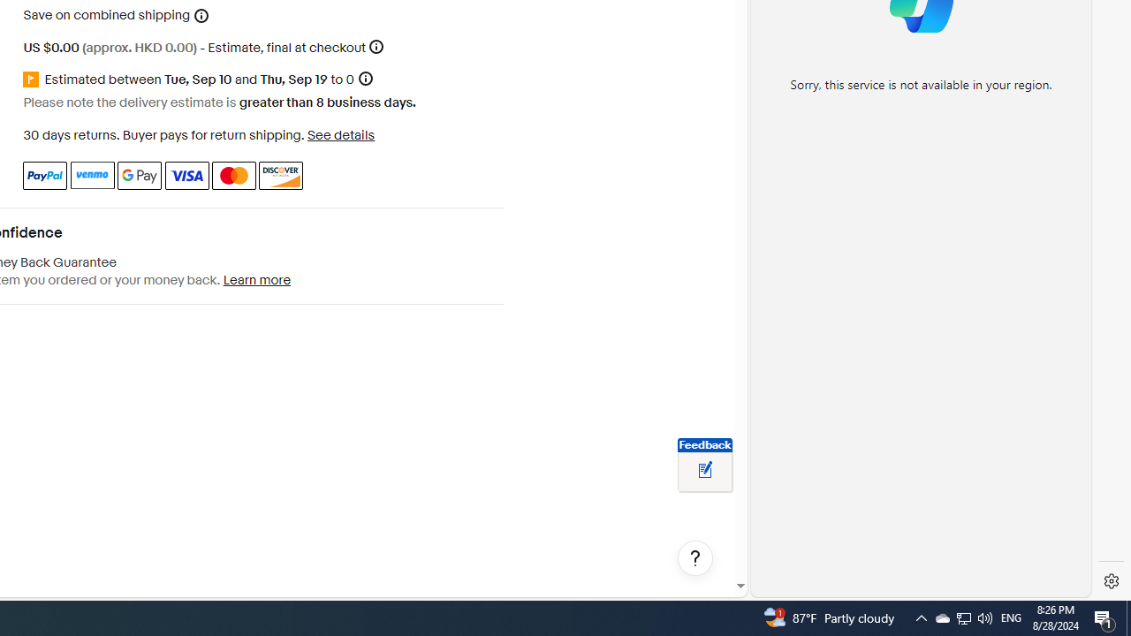 This screenshot has height=636, width=1131. Describe the element at coordinates (232, 175) in the screenshot. I see `'Master Card'` at that location.